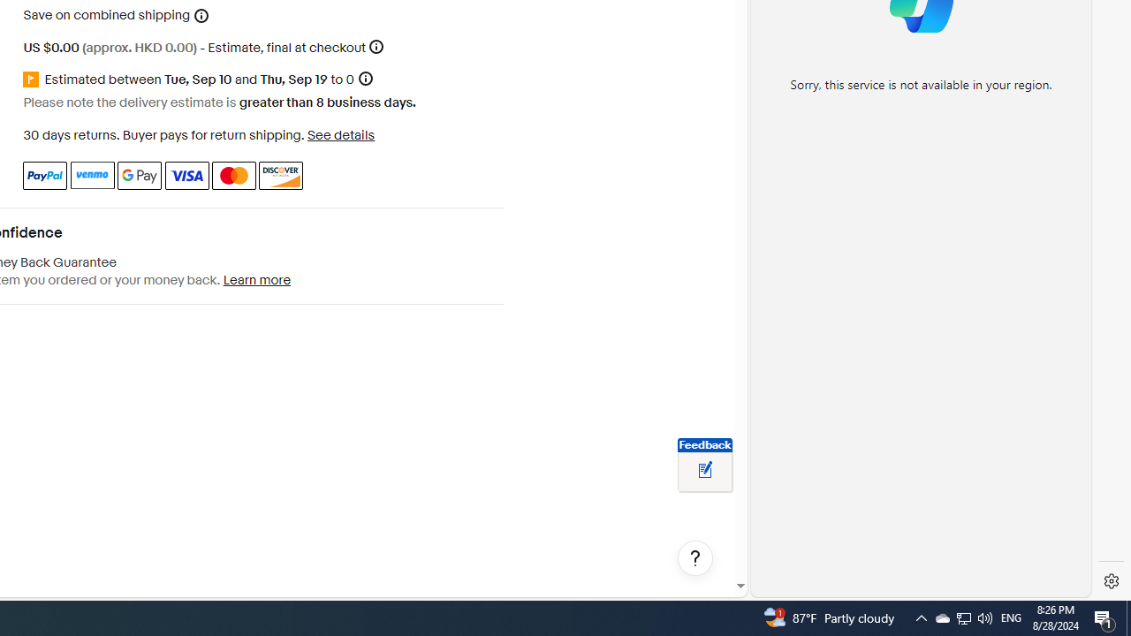 This screenshot has height=636, width=1131. Describe the element at coordinates (232, 175) in the screenshot. I see `'Master Card'` at that location.